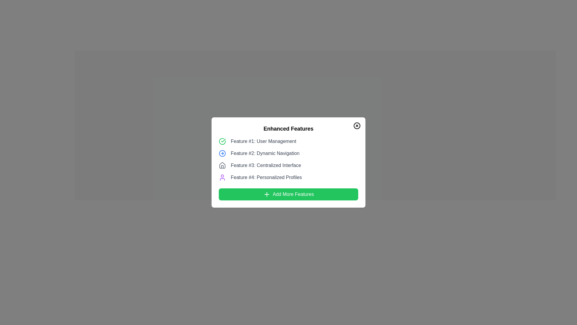 This screenshot has height=325, width=577. Describe the element at coordinates (265, 153) in the screenshot. I see `text label that describes 'Feature #2: Dynamic Navigation', which is styled in gray font and located as the second item in a vertical list within a modal dialog box` at that location.